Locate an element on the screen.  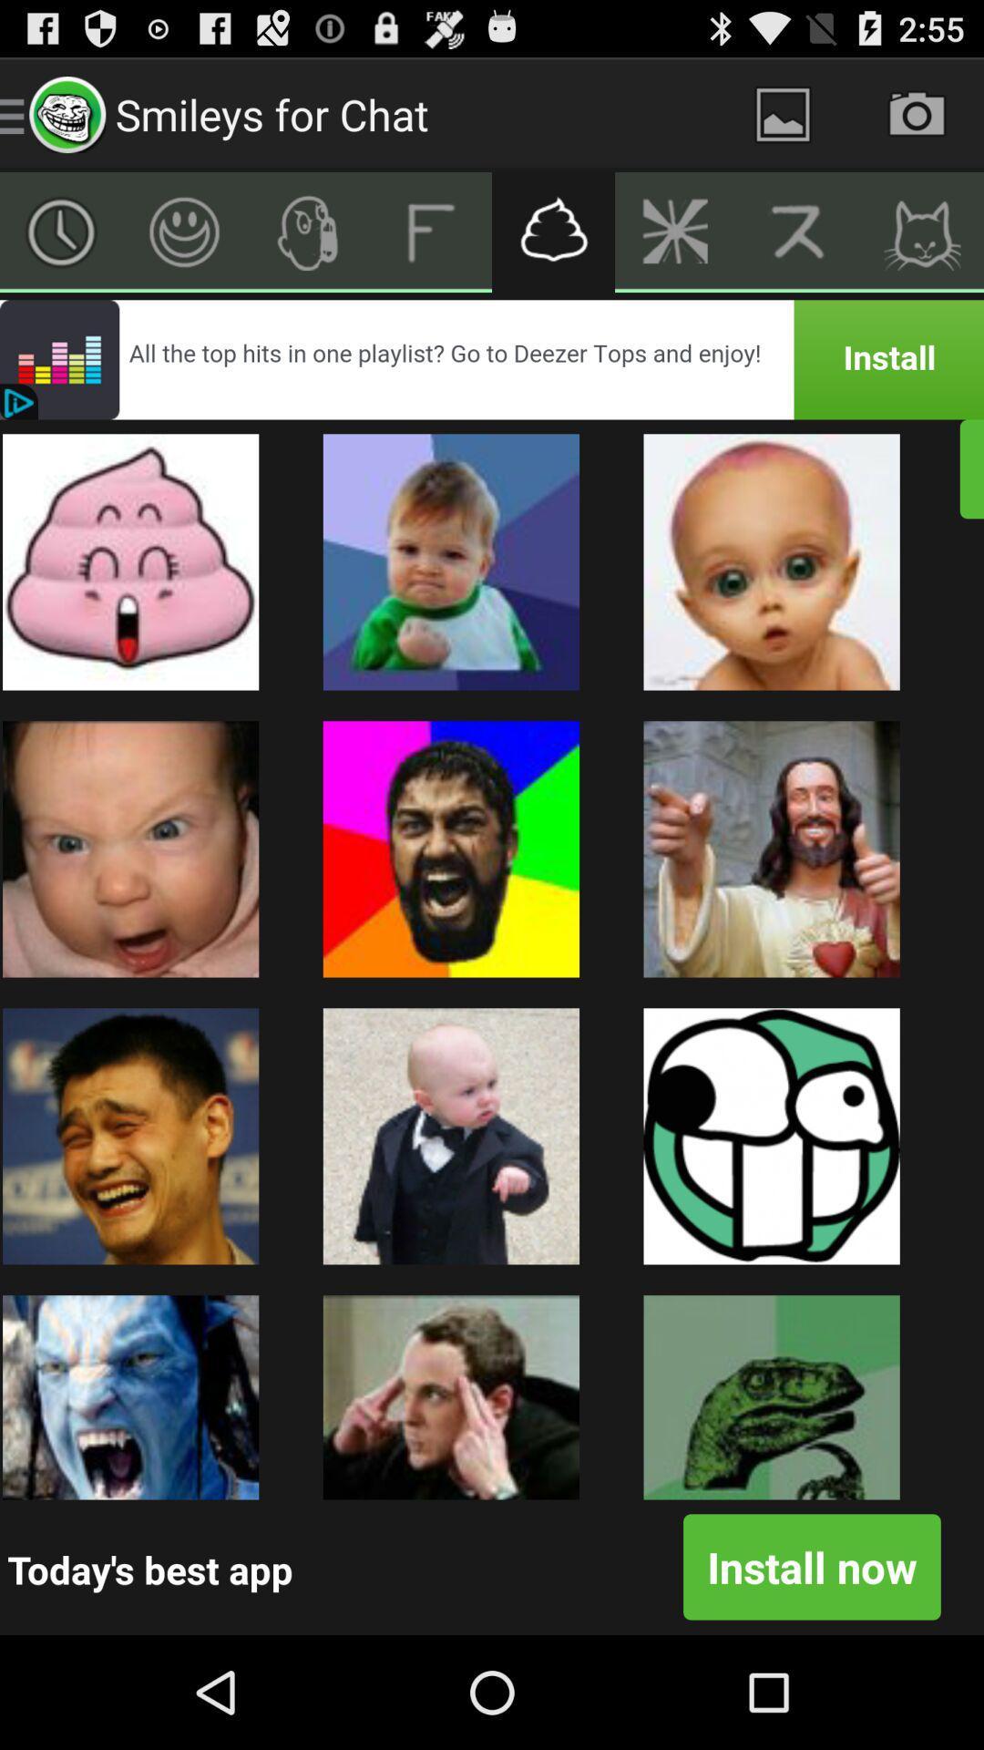
switch autoplay option is located at coordinates (552, 231).